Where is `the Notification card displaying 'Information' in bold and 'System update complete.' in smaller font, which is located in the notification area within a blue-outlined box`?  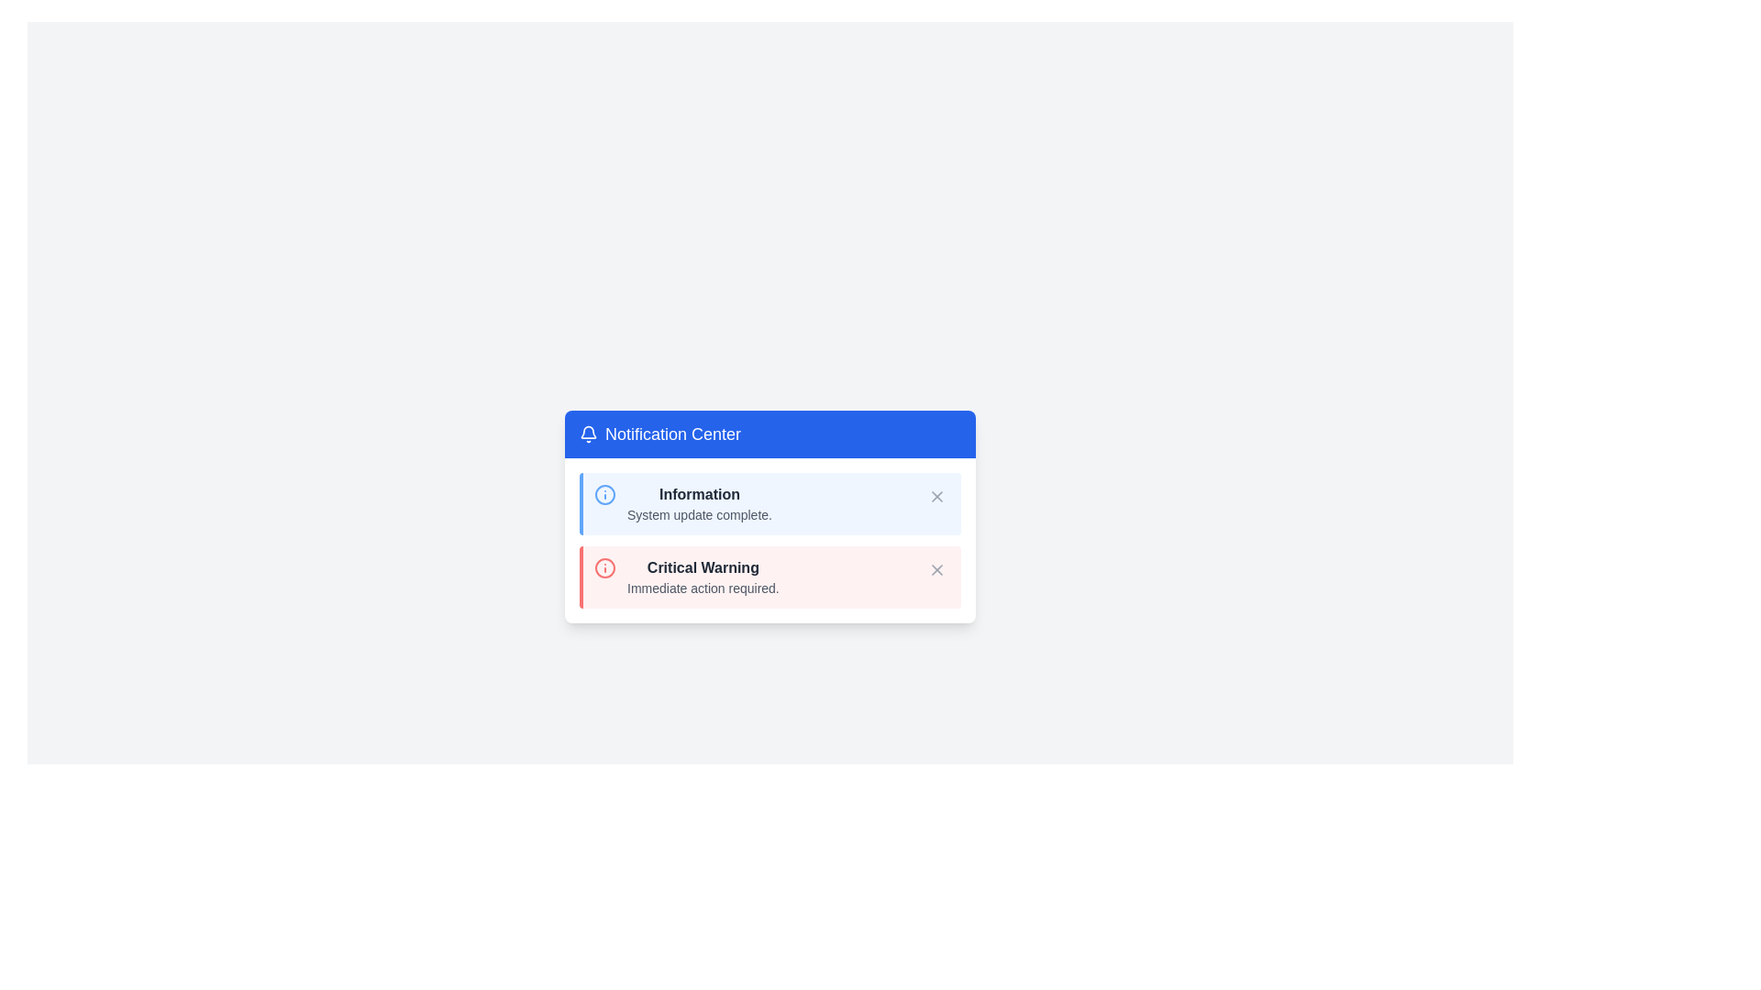
the Notification card displaying 'Information' in bold and 'System update complete.' in smaller font, which is located in the notification area within a blue-outlined box is located at coordinates (771, 504).